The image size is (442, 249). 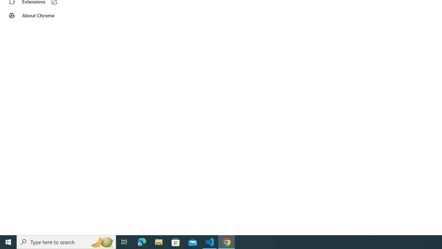 I want to click on 'Search highlights icon opens search home window', so click(x=102, y=241).